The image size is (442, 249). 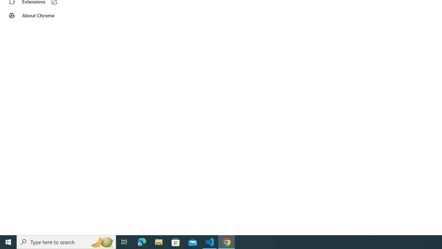 I want to click on 'Search highlights icon opens search home window', so click(x=102, y=241).